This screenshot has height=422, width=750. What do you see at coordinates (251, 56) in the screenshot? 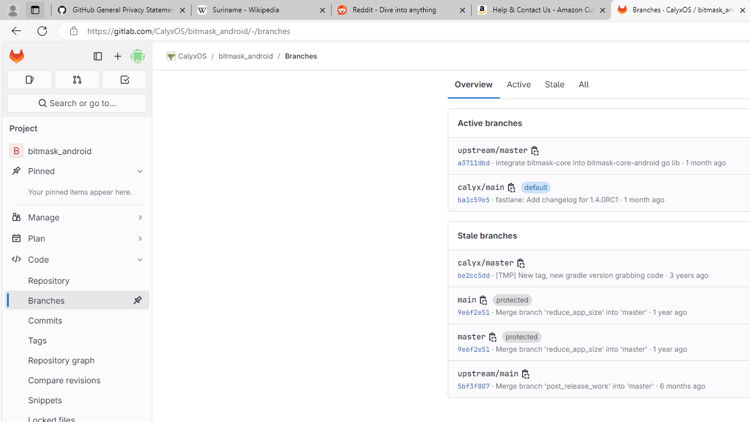
I see `'bitmask_android/'` at bounding box center [251, 56].